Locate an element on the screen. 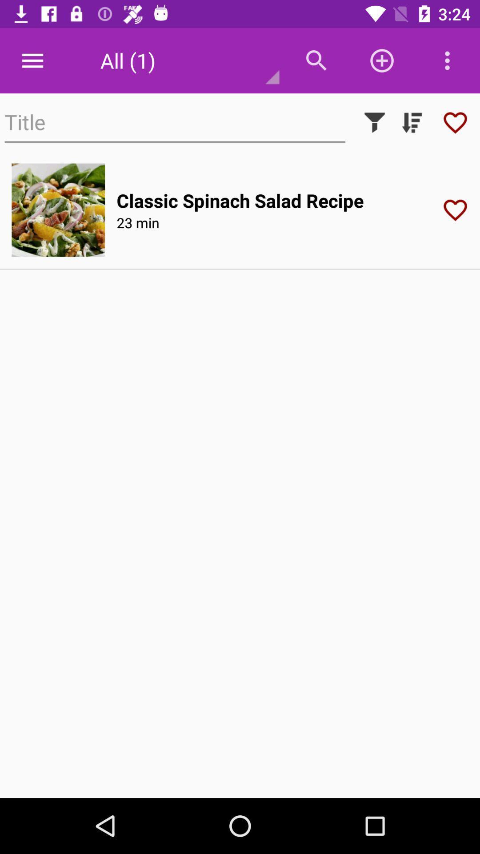 This screenshot has width=480, height=854. icon above classic spinach salad icon is located at coordinates (375, 122).